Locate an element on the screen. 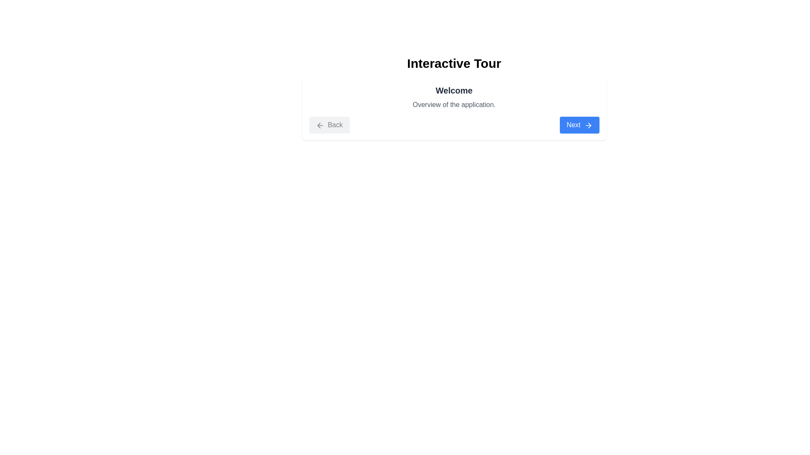 This screenshot has height=455, width=810. the button located at the bottom-right corner of the interface, which is intended to navigate to the next step in a guided process is located at coordinates (579, 125).